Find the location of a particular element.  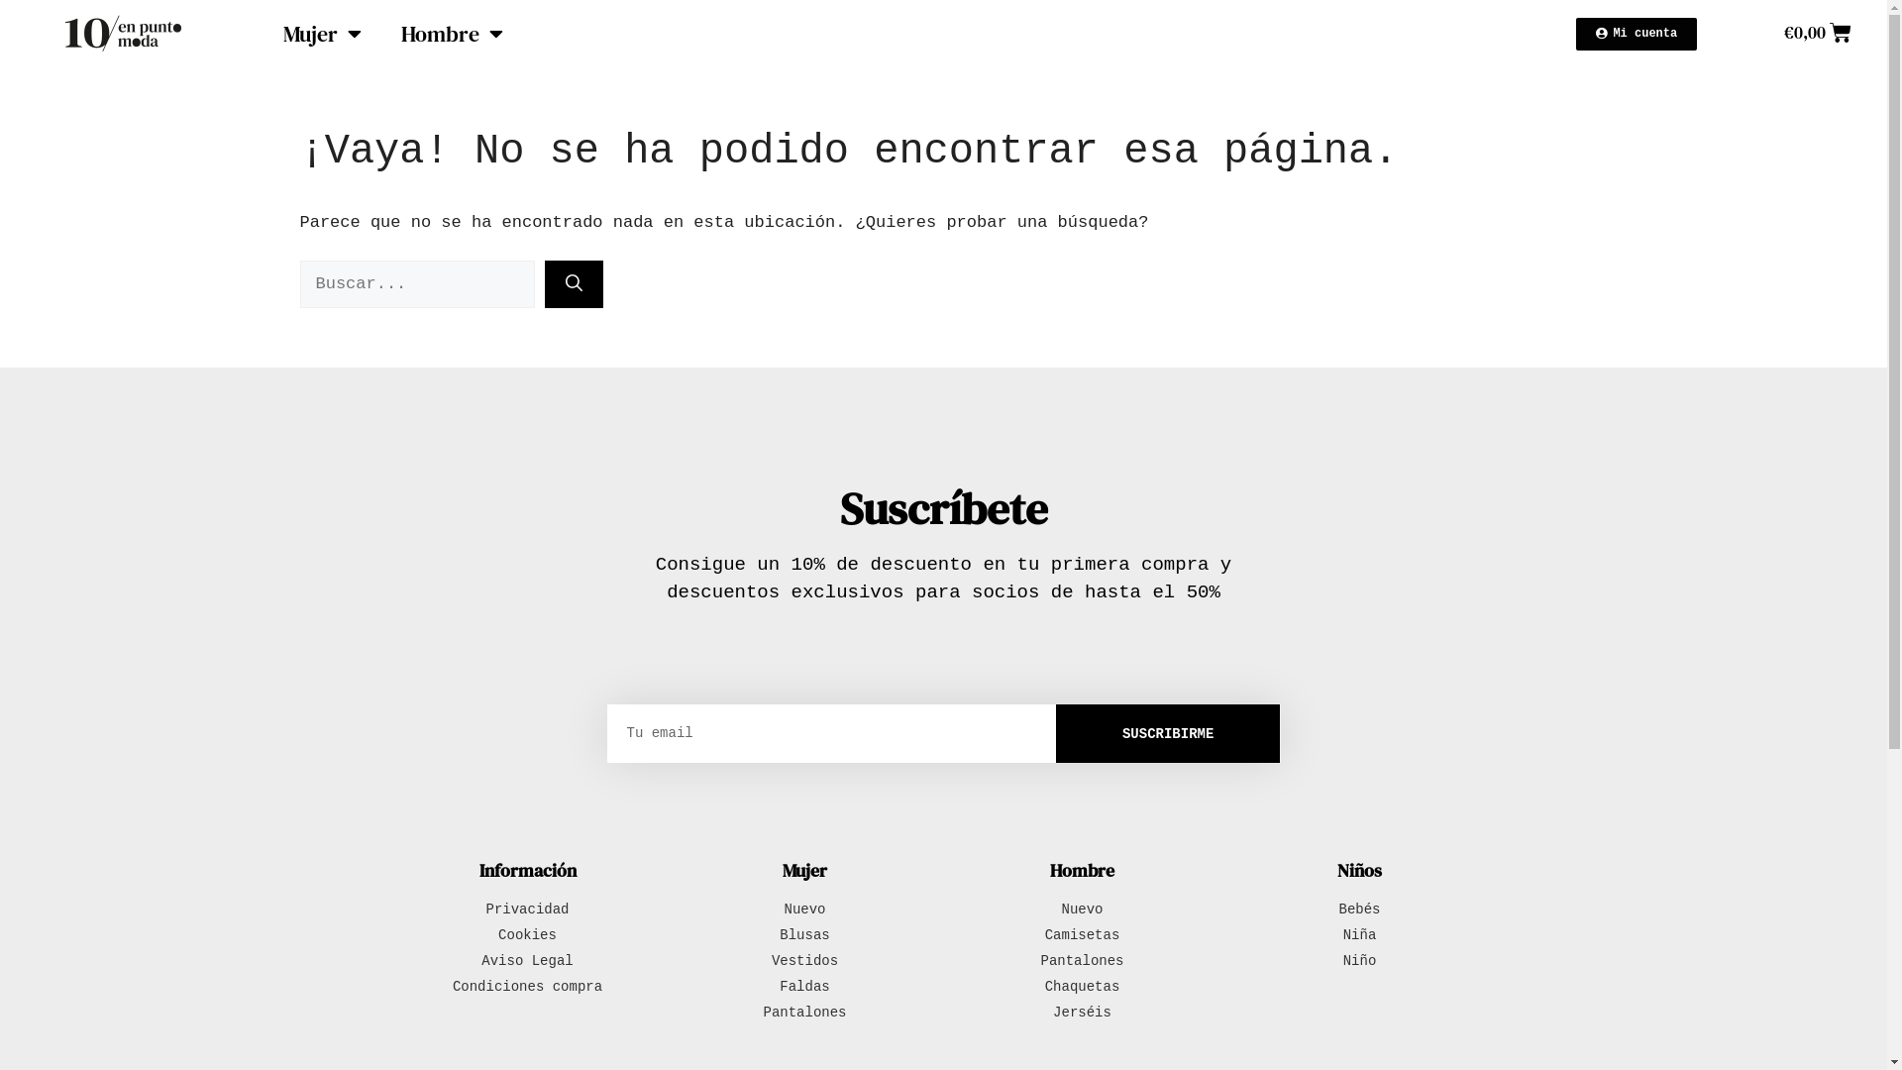

'Camisetas' is located at coordinates (1081, 935).